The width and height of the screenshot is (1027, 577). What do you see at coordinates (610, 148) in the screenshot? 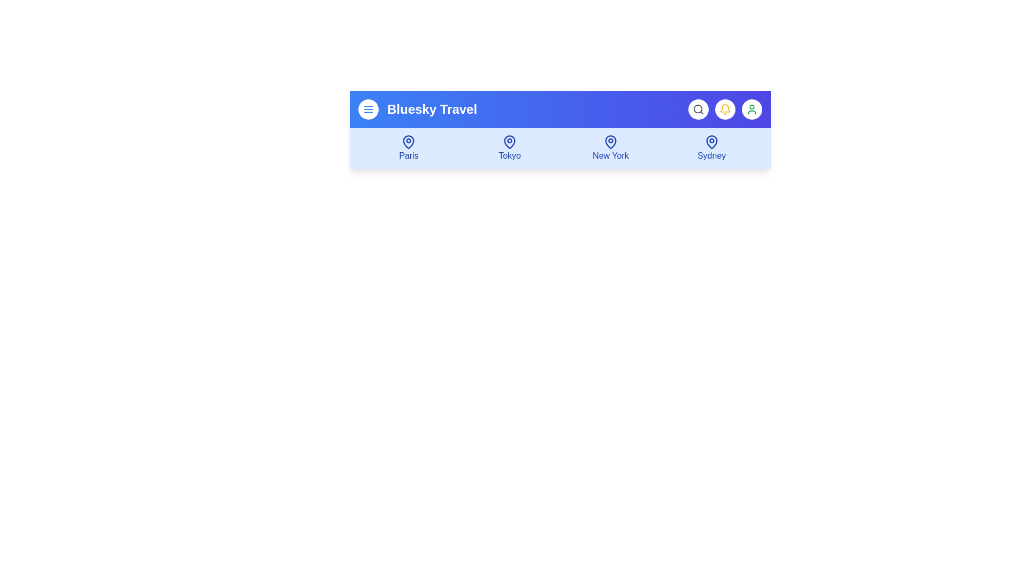
I see `the destination item New York` at bounding box center [610, 148].